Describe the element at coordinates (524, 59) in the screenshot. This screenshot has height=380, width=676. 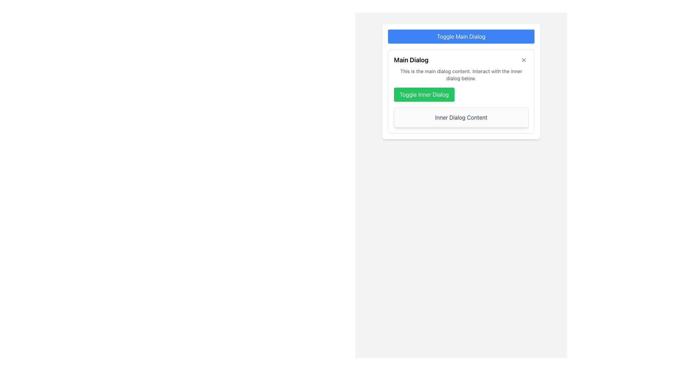
I see `the small button with an 'x' icon located at the top-right corner of the 'Main Dialog' header` at that location.